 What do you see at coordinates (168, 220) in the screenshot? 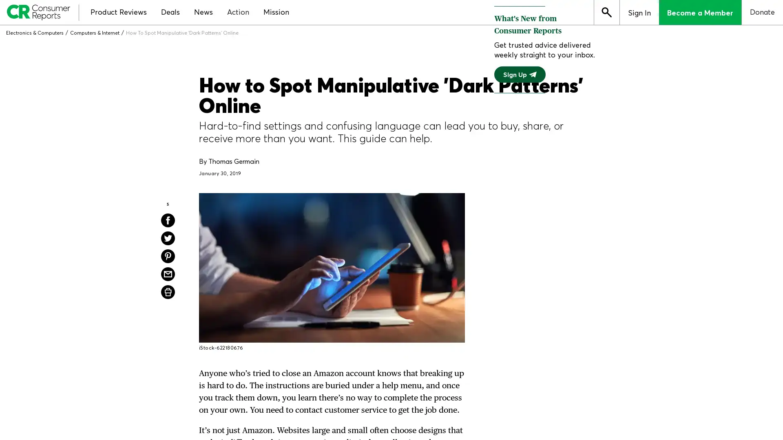
I see `facebook` at bounding box center [168, 220].